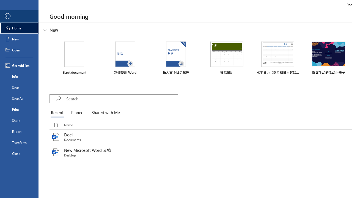 The width and height of the screenshot is (352, 198). Describe the element at coordinates (19, 98) in the screenshot. I see `'Save As'` at that location.